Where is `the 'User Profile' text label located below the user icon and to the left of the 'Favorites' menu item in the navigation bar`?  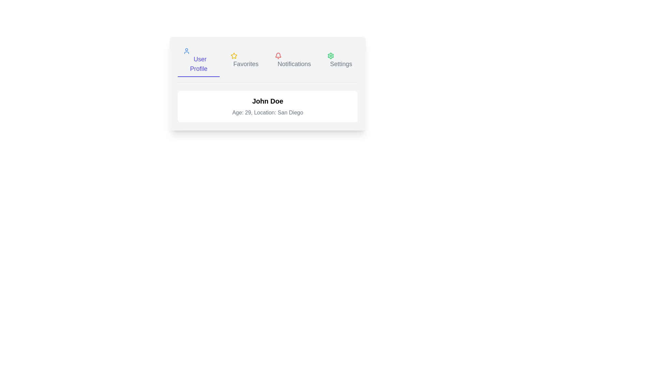
the 'User Profile' text label located below the user icon and to the left of the 'Favorites' menu item in the navigation bar is located at coordinates (198, 64).